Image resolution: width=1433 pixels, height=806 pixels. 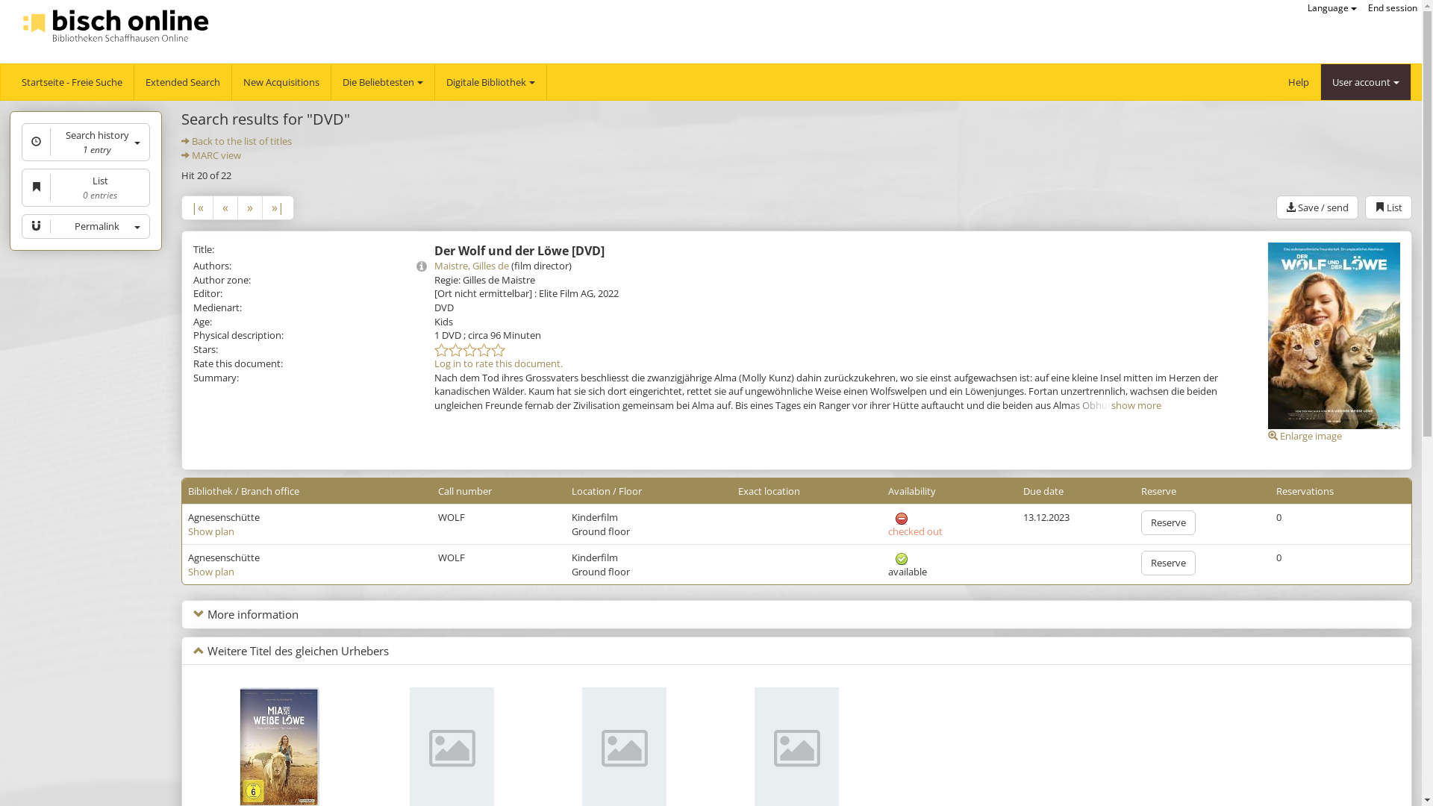 I want to click on 'Permalink', so click(x=85, y=226).